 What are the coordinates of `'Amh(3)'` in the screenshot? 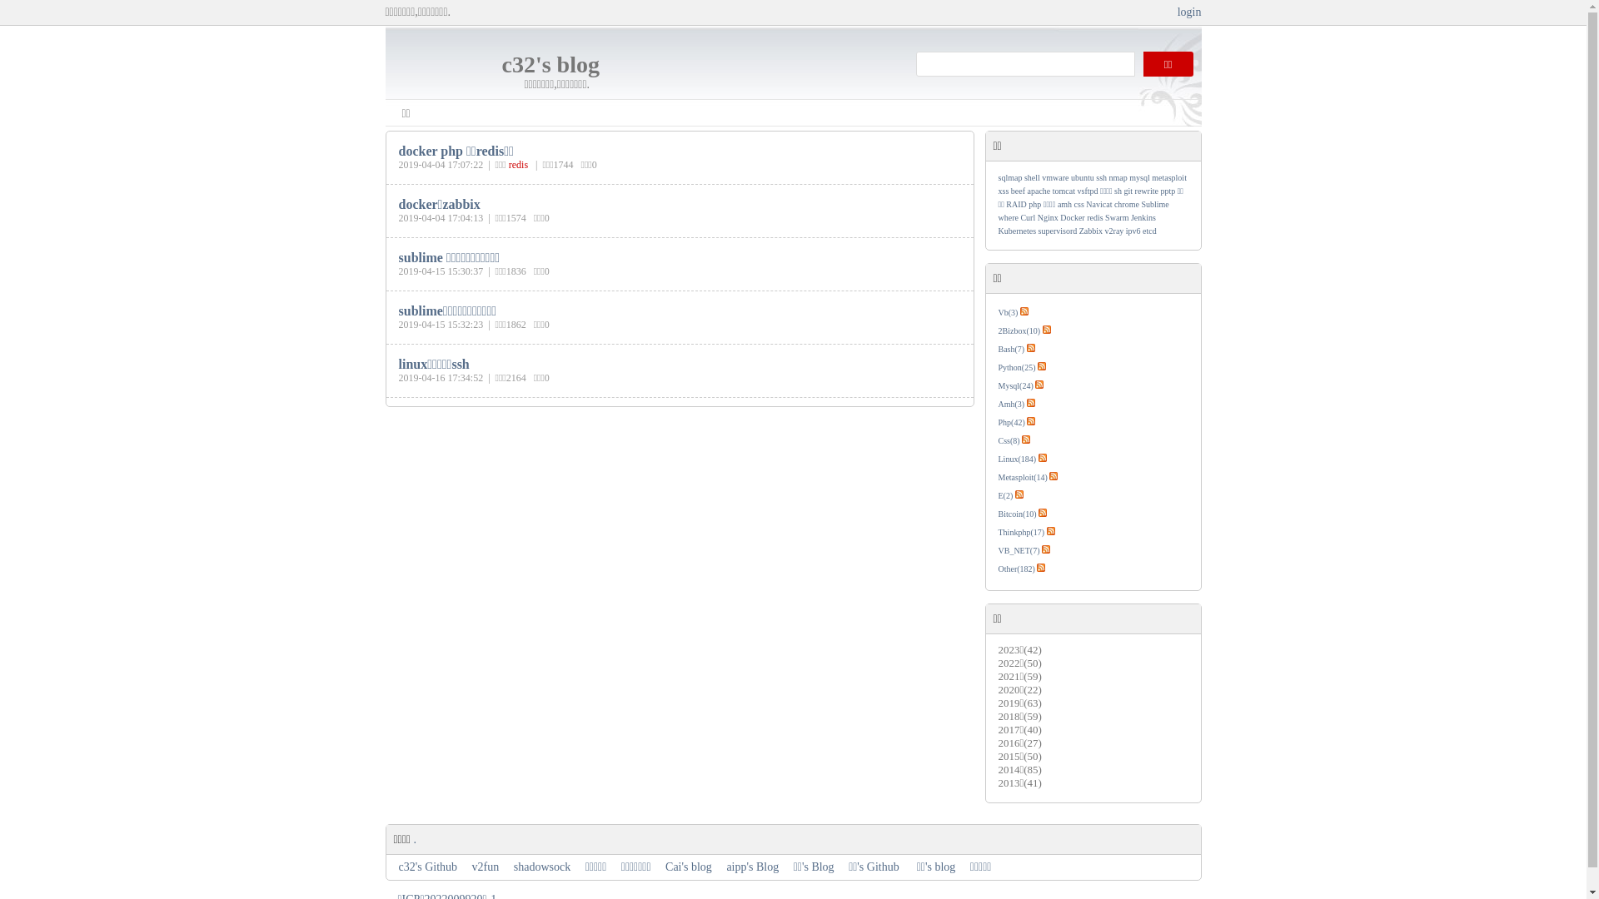 It's located at (998, 404).